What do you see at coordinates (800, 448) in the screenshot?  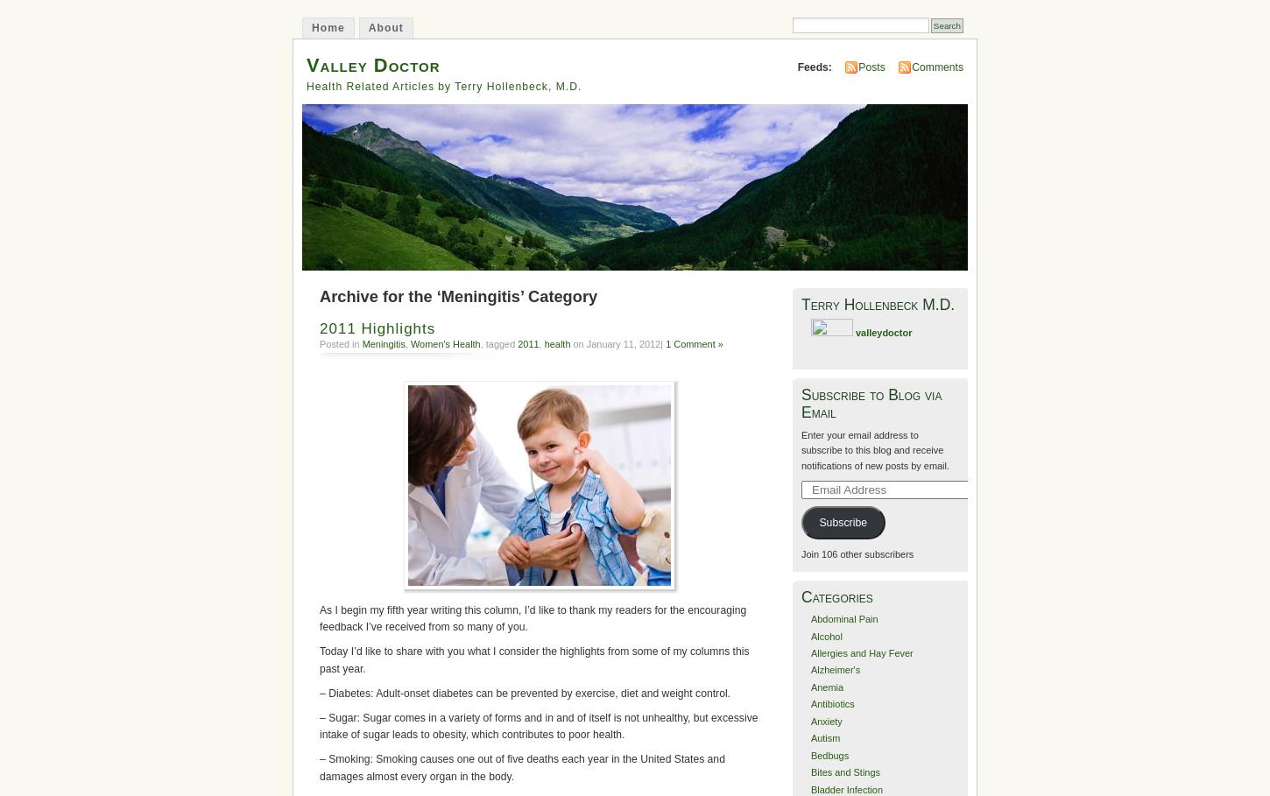 I see `'Enter your email address to subscribe to this blog and receive notifications of new posts by email.'` at bounding box center [800, 448].